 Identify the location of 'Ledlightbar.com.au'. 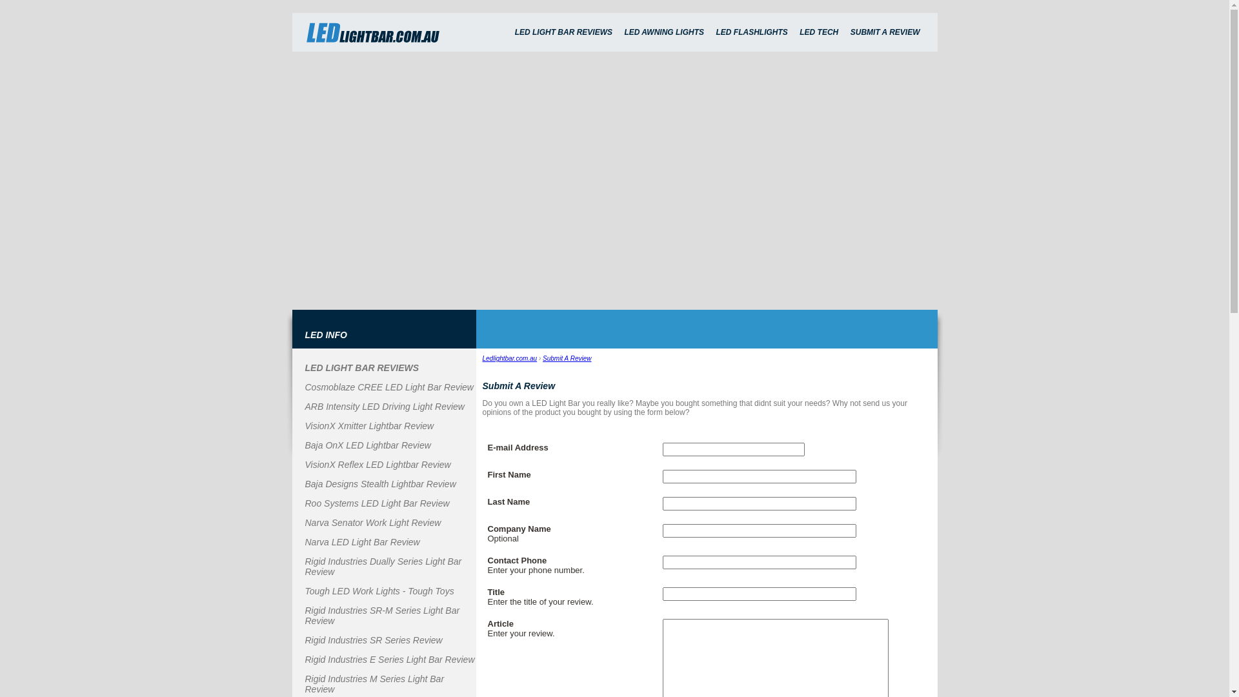
(482, 358).